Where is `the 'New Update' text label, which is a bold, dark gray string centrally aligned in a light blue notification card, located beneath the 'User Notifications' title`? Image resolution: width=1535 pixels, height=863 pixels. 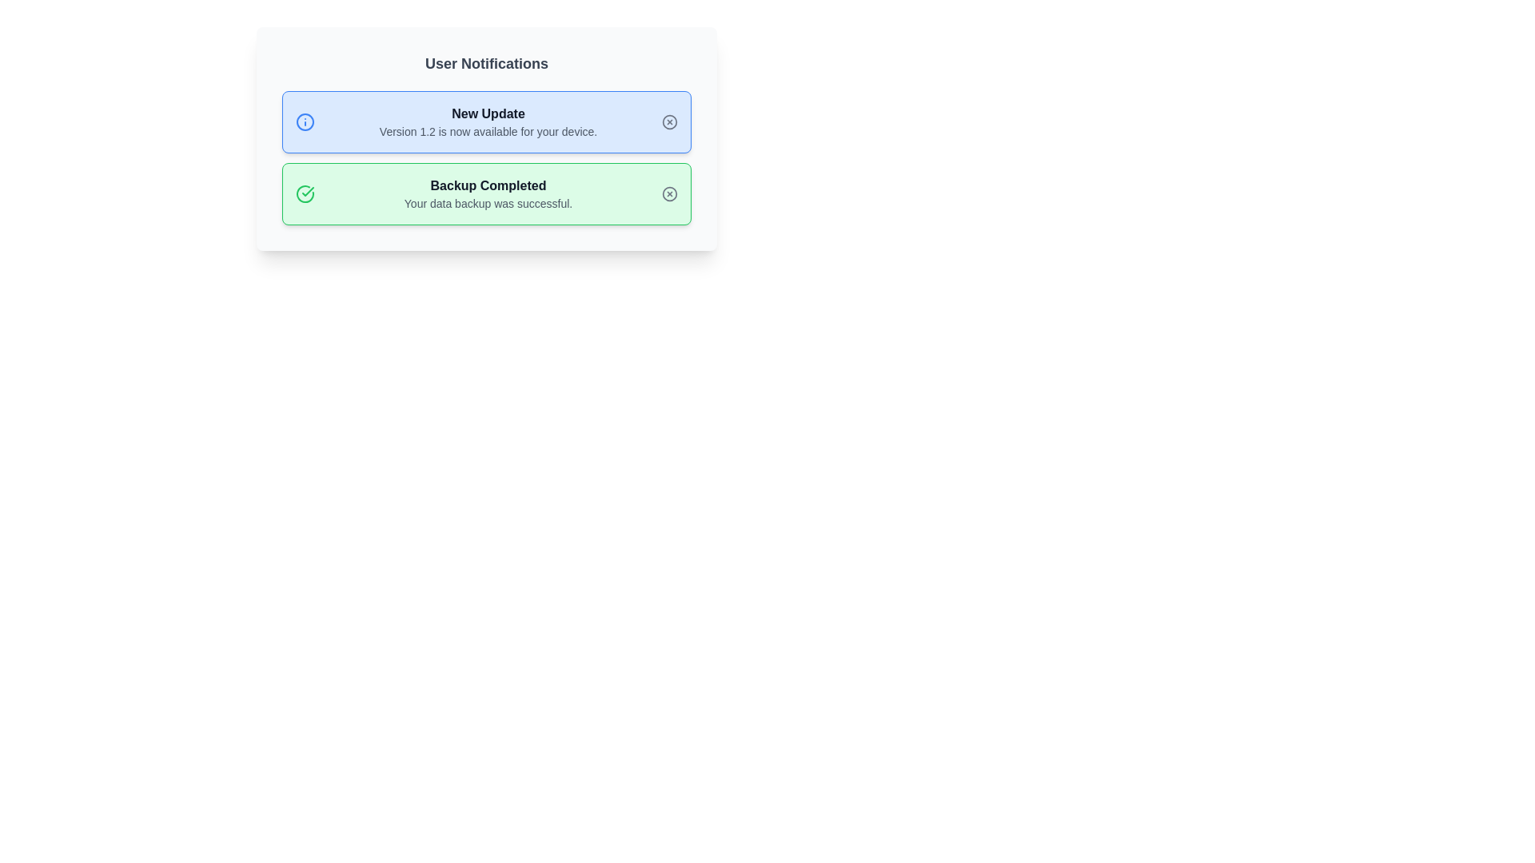 the 'New Update' text label, which is a bold, dark gray string centrally aligned in a light blue notification card, located beneath the 'User Notifications' title is located at coordinates (487, 113).